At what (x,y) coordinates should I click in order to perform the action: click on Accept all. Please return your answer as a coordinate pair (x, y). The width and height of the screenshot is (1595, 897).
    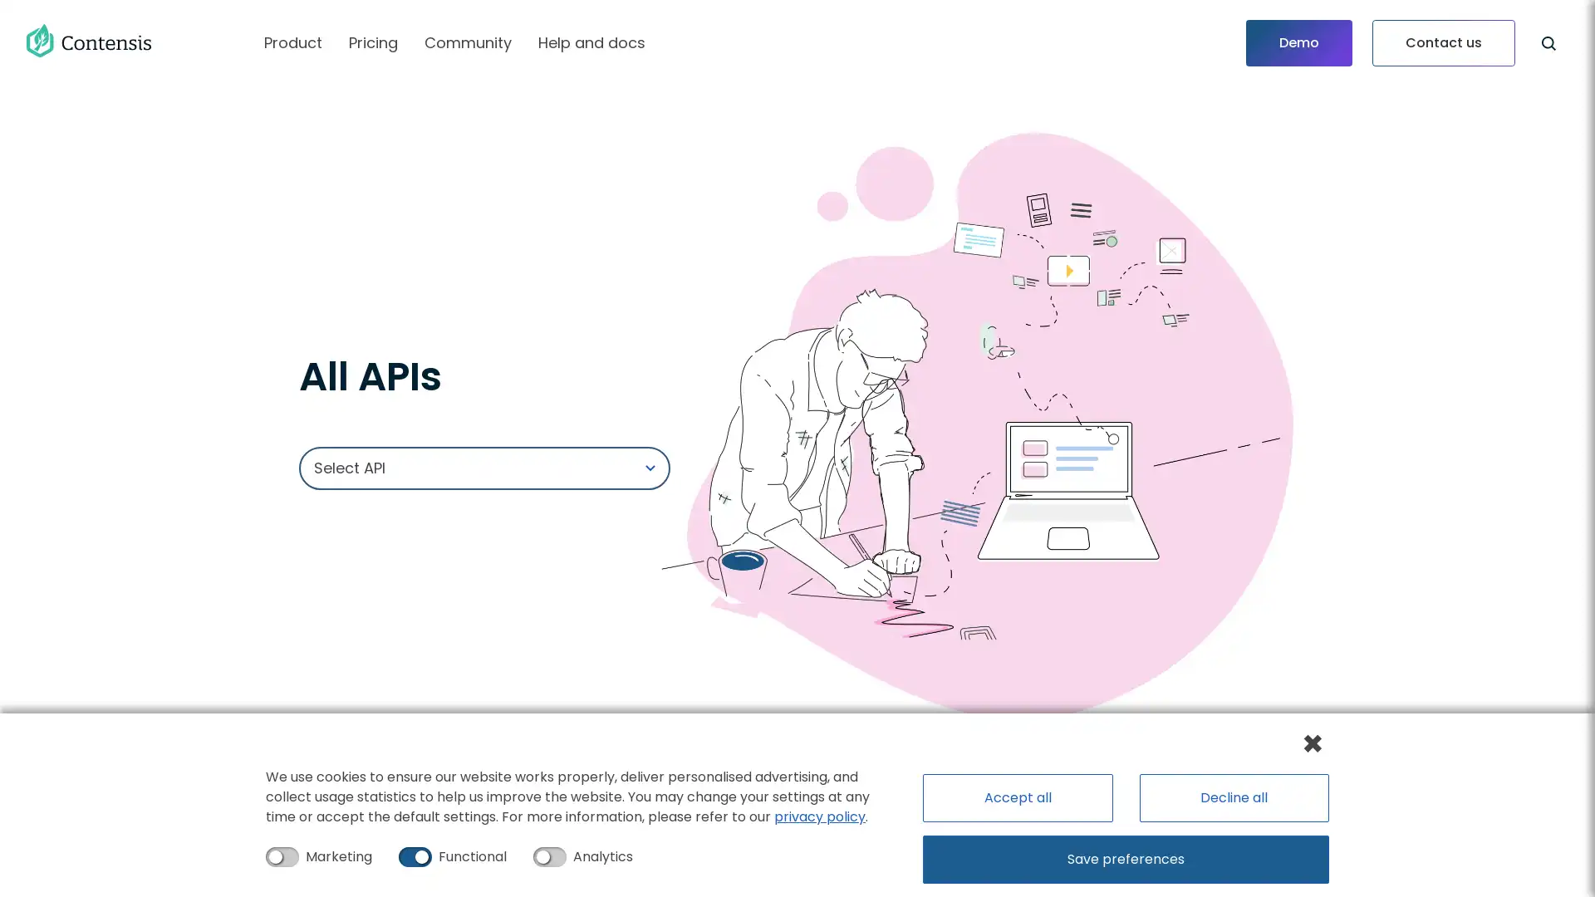
    Looking at the image, I should click on (1016, 797).